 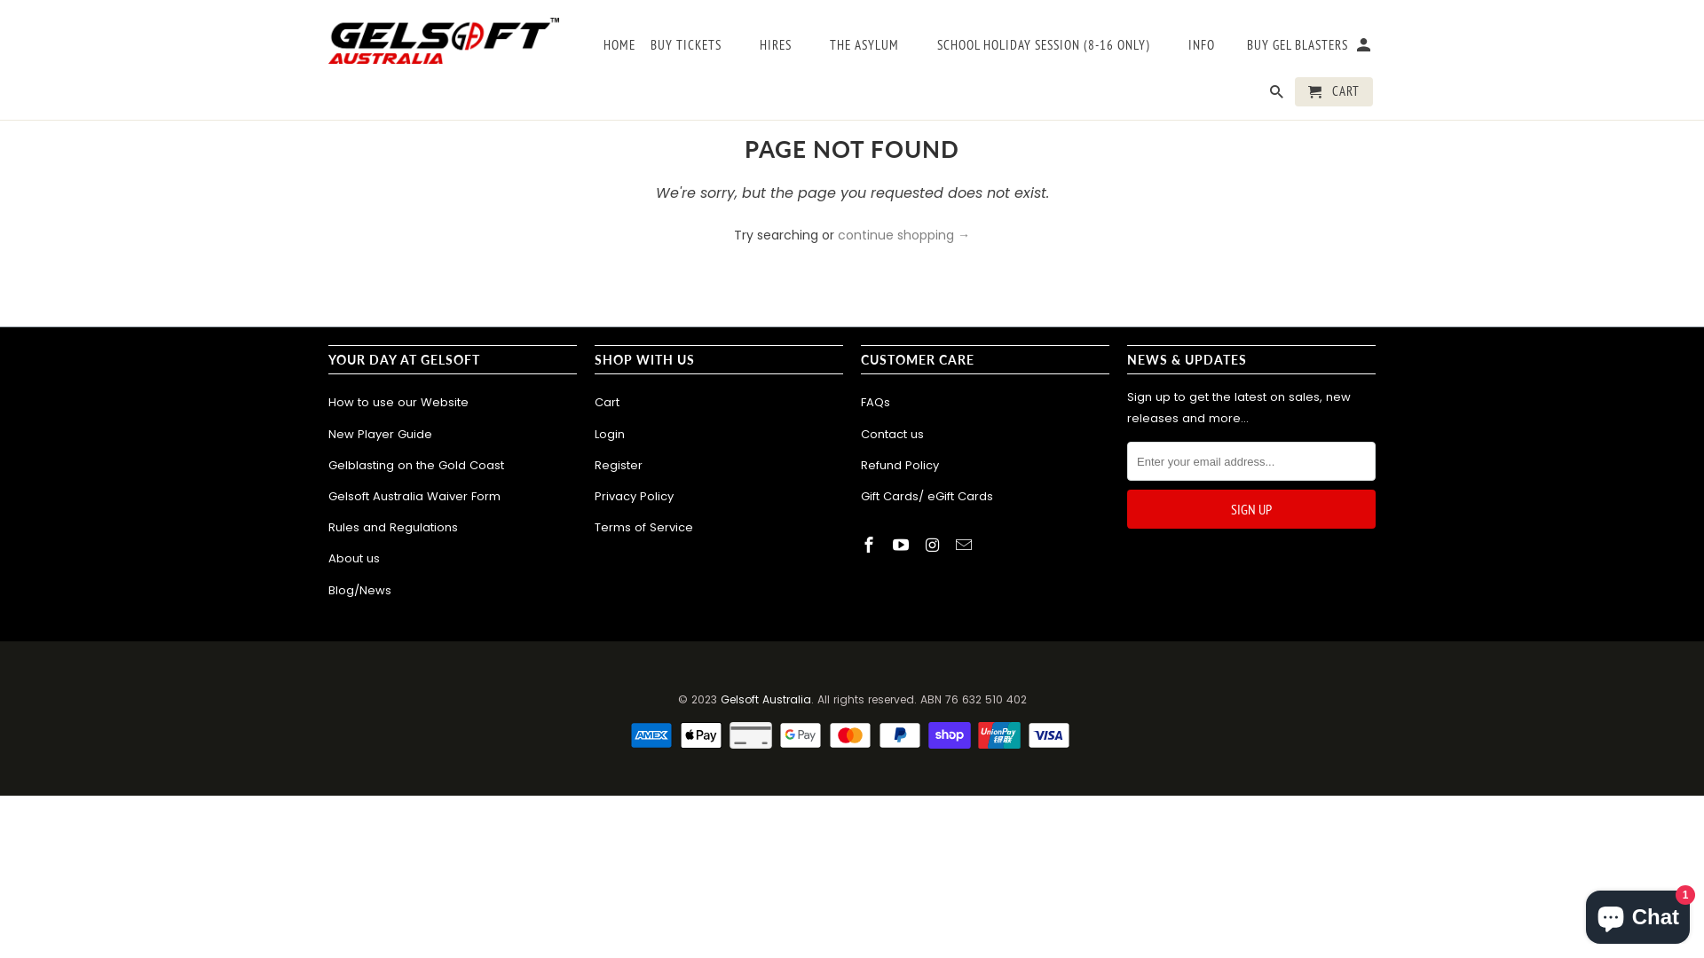 What do you see at coordinates (379, 434) in the screenshot?
I see `'New Player Guide'` at bounding box center [379, 434].